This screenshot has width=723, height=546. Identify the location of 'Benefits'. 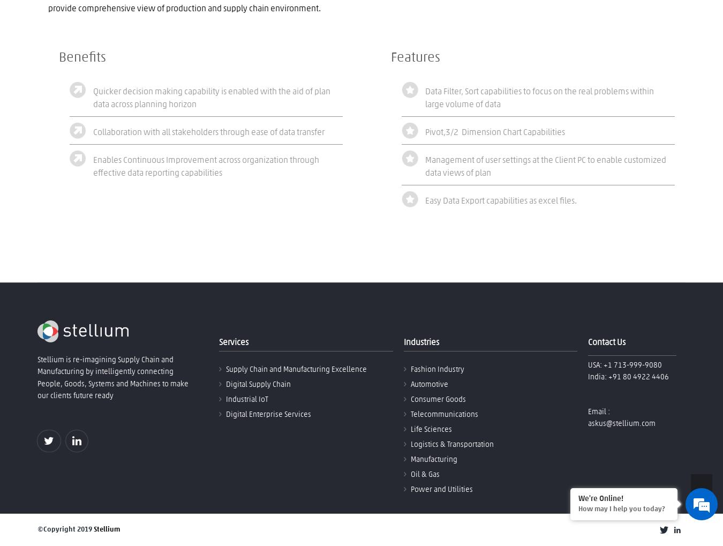
(82, 57).